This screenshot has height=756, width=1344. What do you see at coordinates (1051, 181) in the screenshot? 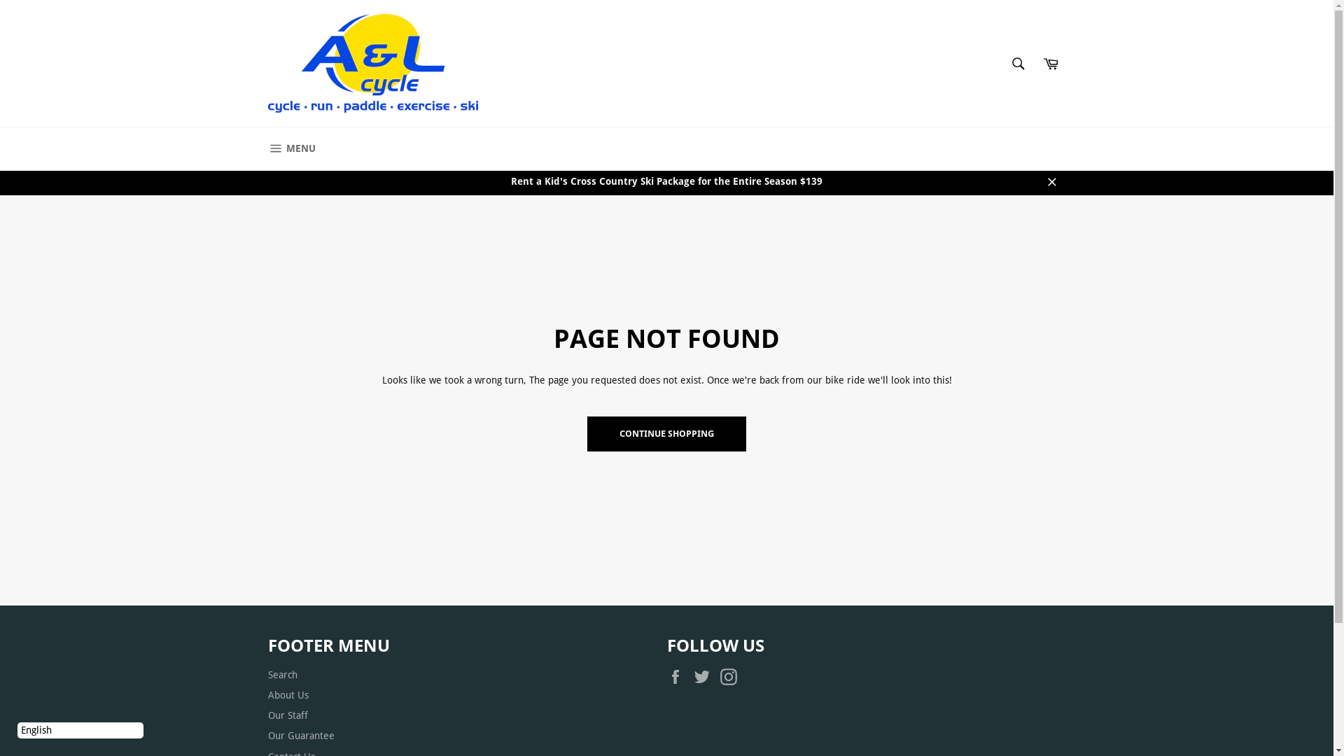
I see `'Close'` at bounding box center [1051, 181].